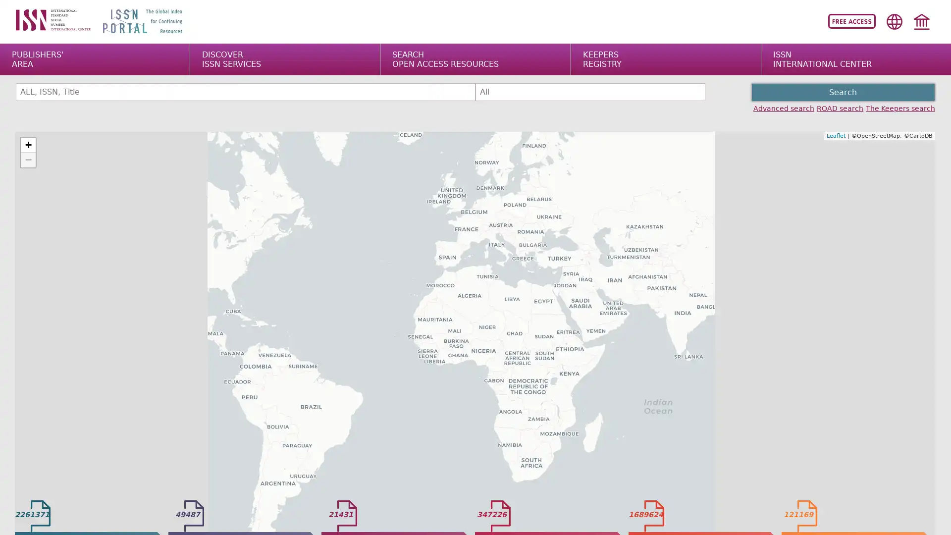 The height and width of the screenshot is (535, 951). What do you see at coordinates (28, 145) in the screenshot?
I see `Zoom in` at bounding box center [28, 145].